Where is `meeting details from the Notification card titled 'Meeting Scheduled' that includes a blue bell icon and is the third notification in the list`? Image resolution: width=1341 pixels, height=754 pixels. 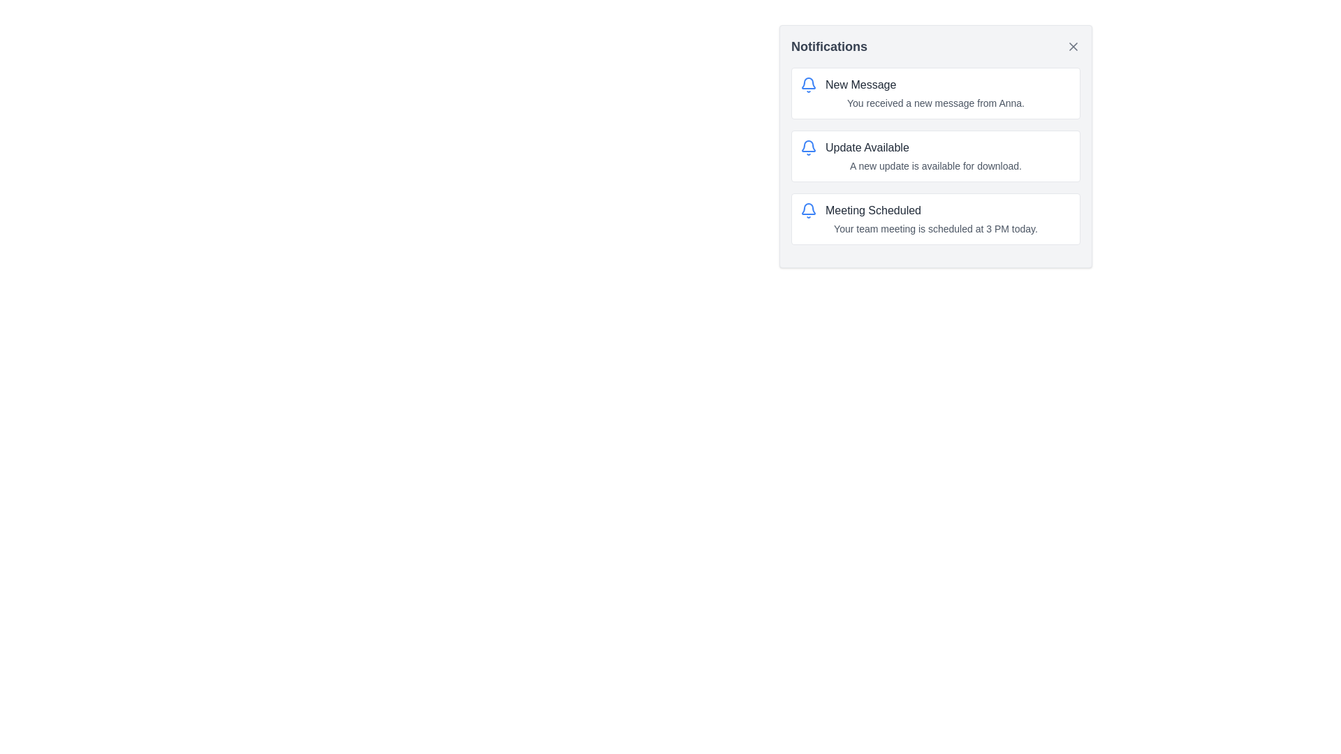
meeting details from the Notification card titled 'Meeting Scheduled' that includes a blue bell icon and is the third notification in the list is located at coordinates (935, 219).